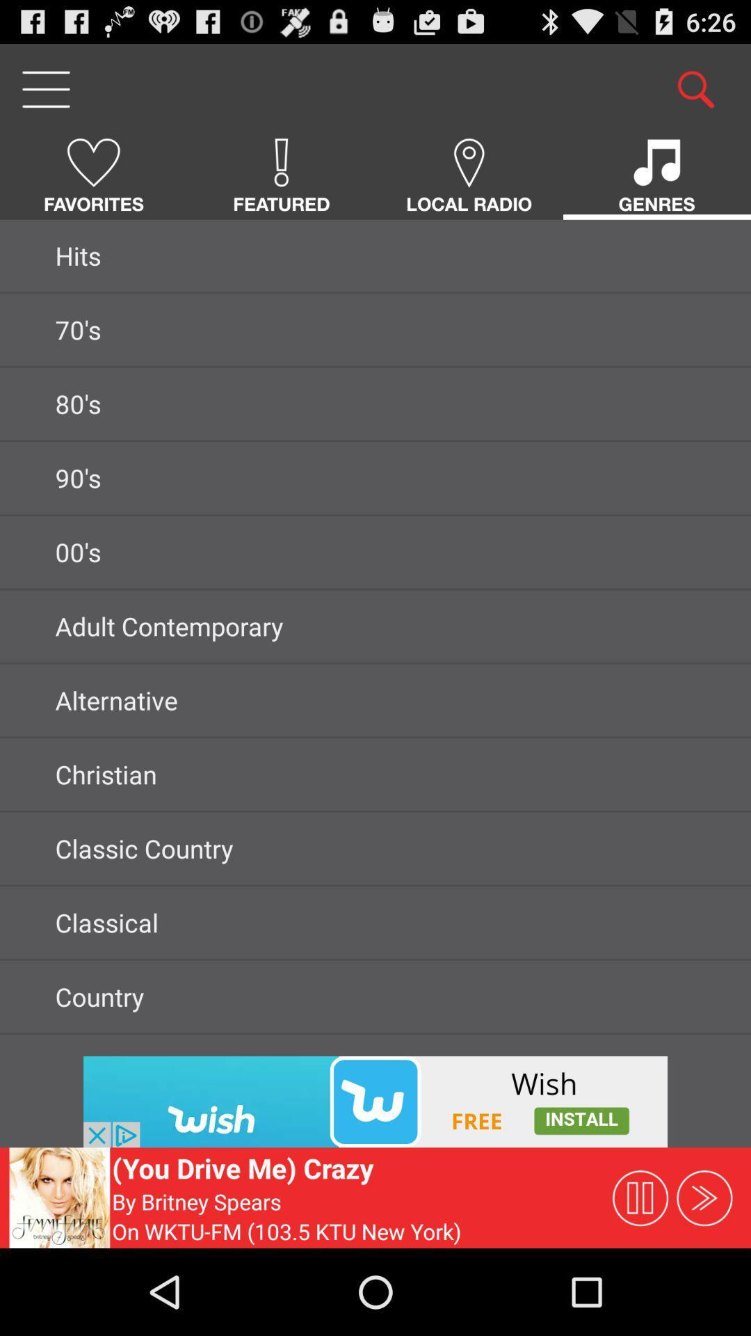 Image resolution: width=751 pixels, height=1336 pixels. I want to click on pause media, so click(640, 1197).